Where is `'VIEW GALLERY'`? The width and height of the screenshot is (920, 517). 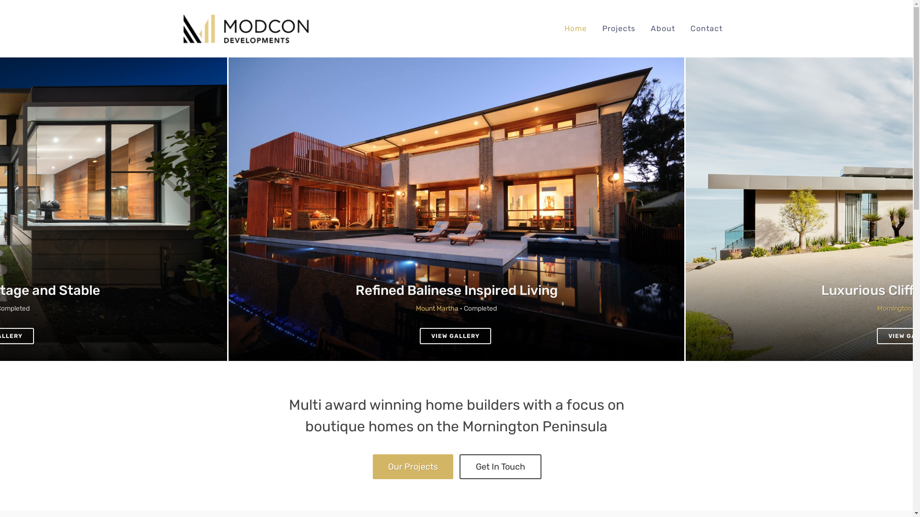 'VIEW GALLERY' is located at coordinates (419, 336).